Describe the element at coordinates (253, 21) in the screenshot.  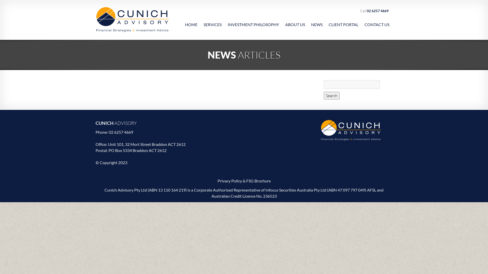
I see `'INVESTMENT PHILOSOPHY'` at that location.